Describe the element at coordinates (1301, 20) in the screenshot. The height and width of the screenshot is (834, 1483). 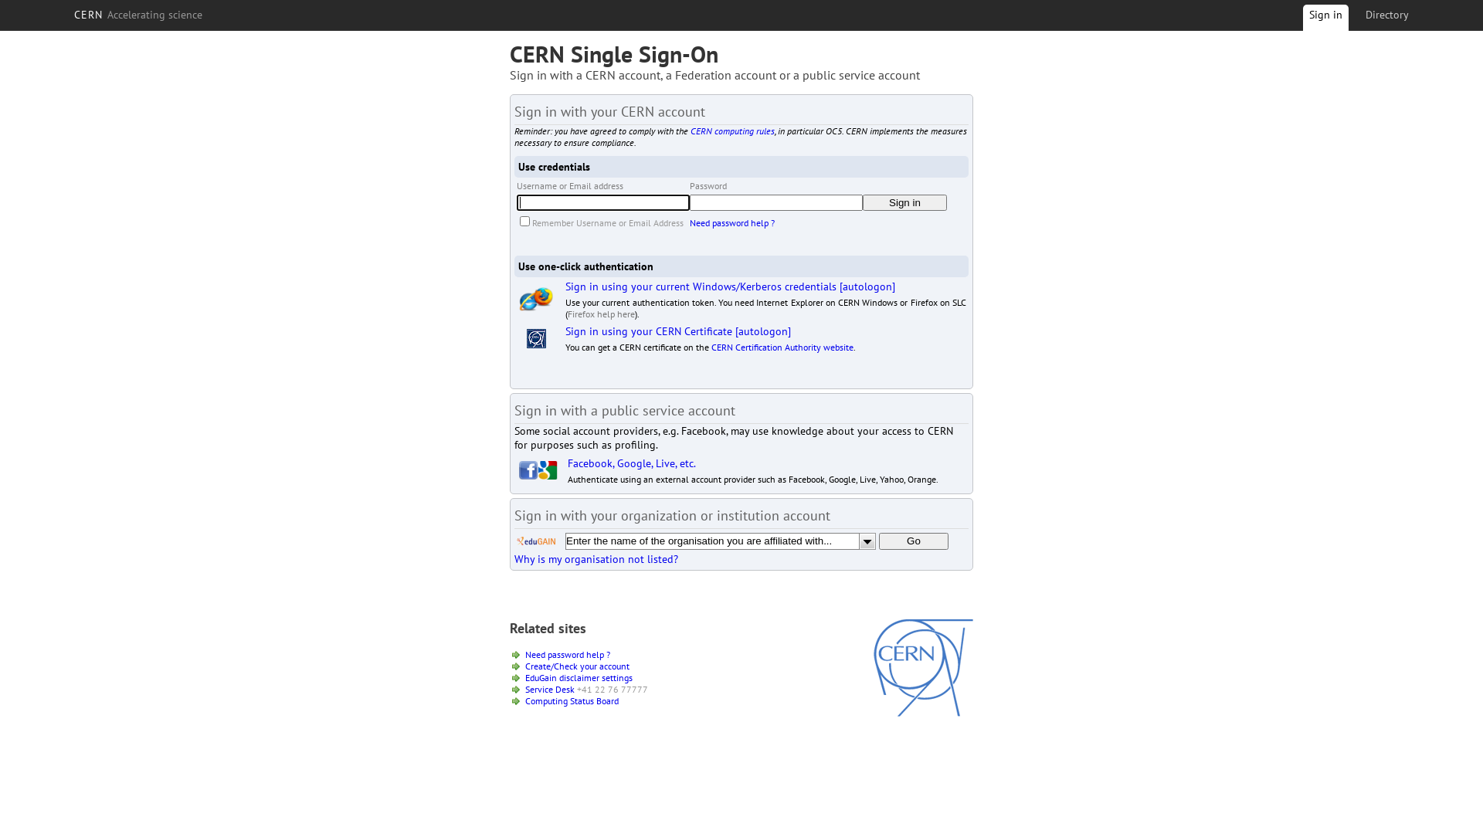
I see `'Sign in'` at that location.